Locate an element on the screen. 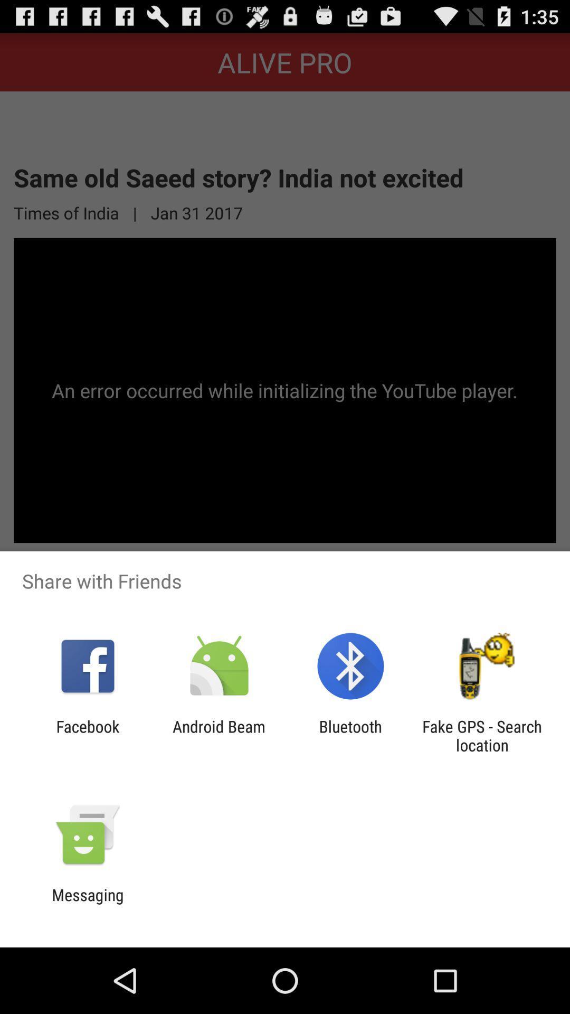 This screenshot has height=1014, width=570. app next to the bluetooth app is located at coordinates (218, 735).